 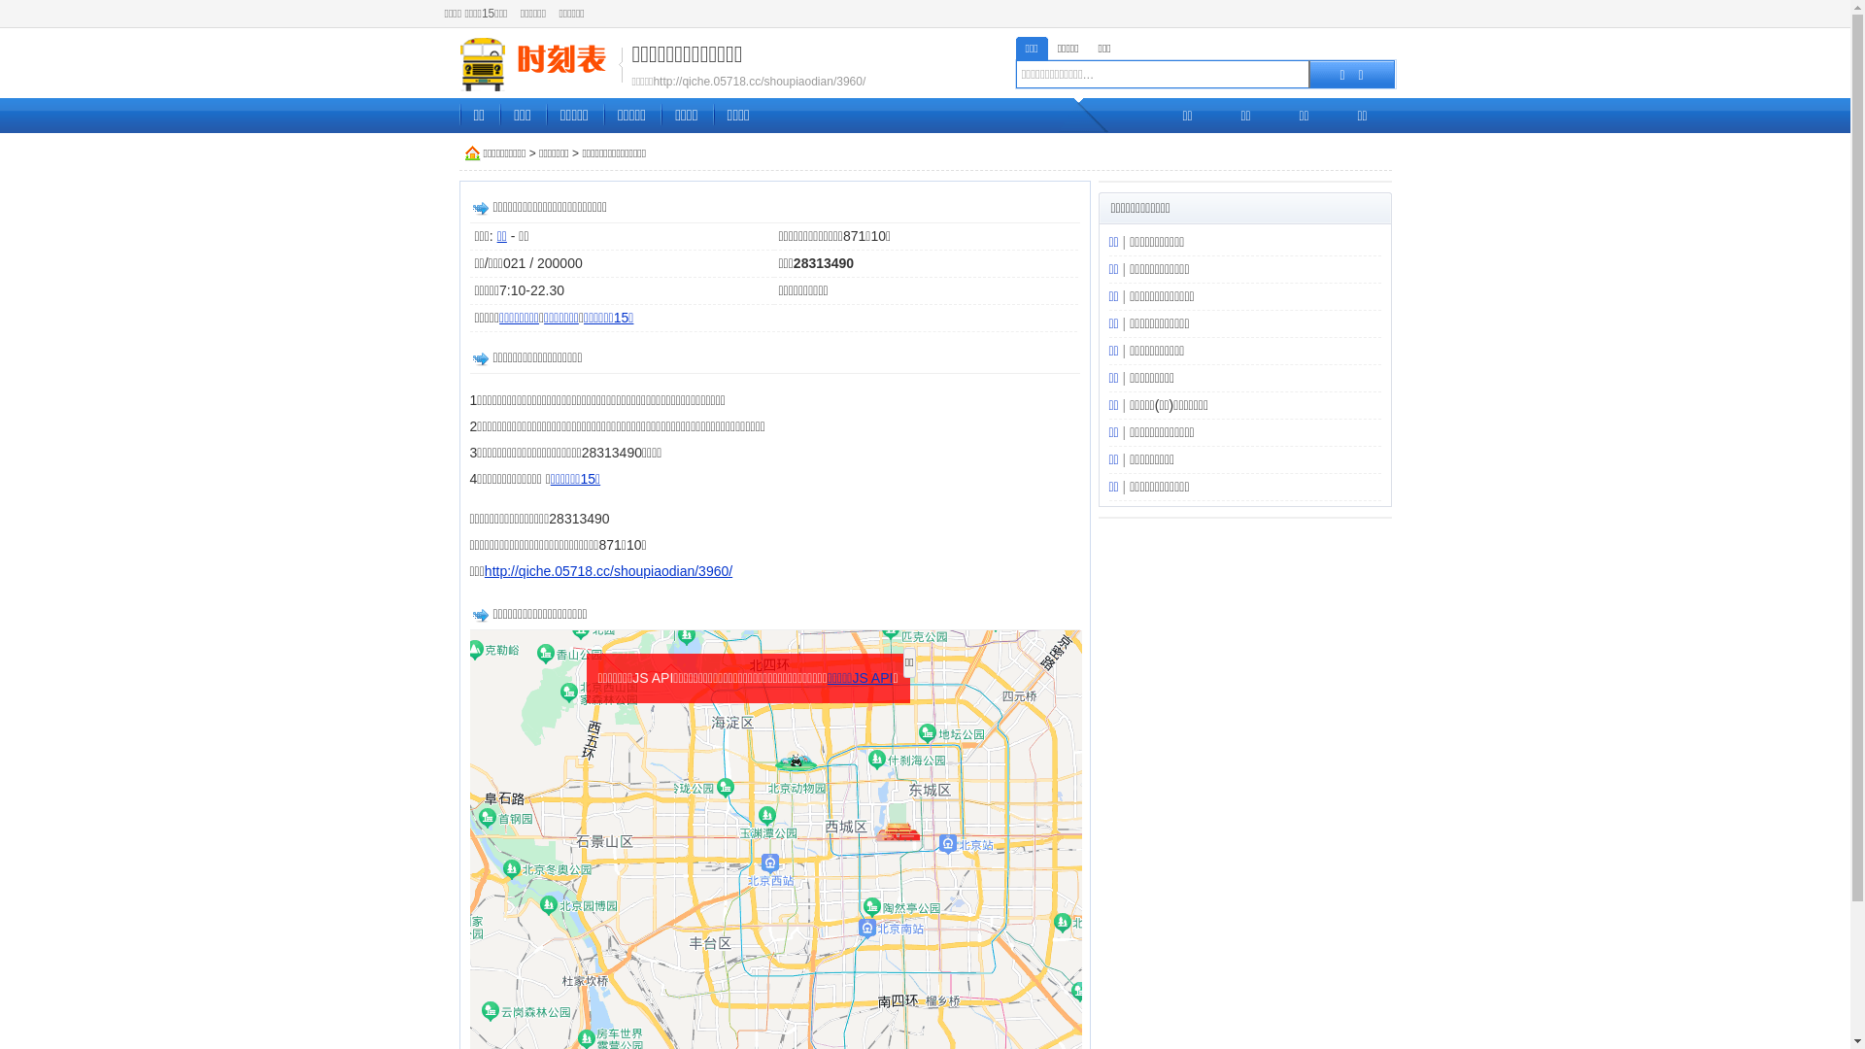 What do you see at coordinates (607, 569) in the screenshot?
I see `'http://qiche.05718.cc/shoupiaodian/3960/'` at bounding box center [607, 569].